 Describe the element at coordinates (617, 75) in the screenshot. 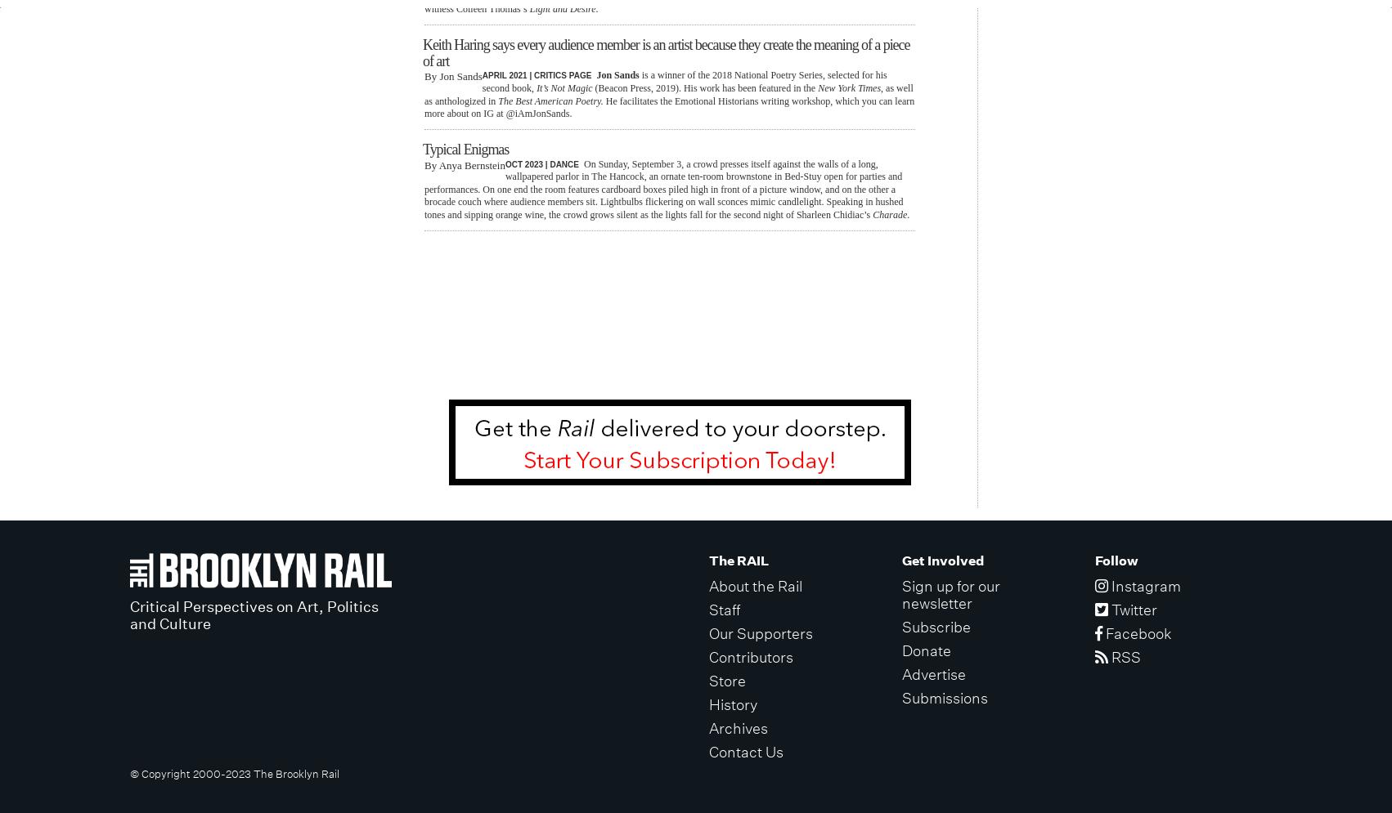

I see `'Jon Sands'` at that location.